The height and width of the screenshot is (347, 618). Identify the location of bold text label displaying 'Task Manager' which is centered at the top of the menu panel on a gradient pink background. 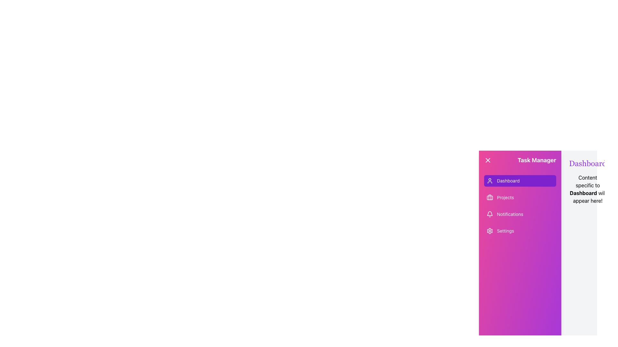
(537, 160).